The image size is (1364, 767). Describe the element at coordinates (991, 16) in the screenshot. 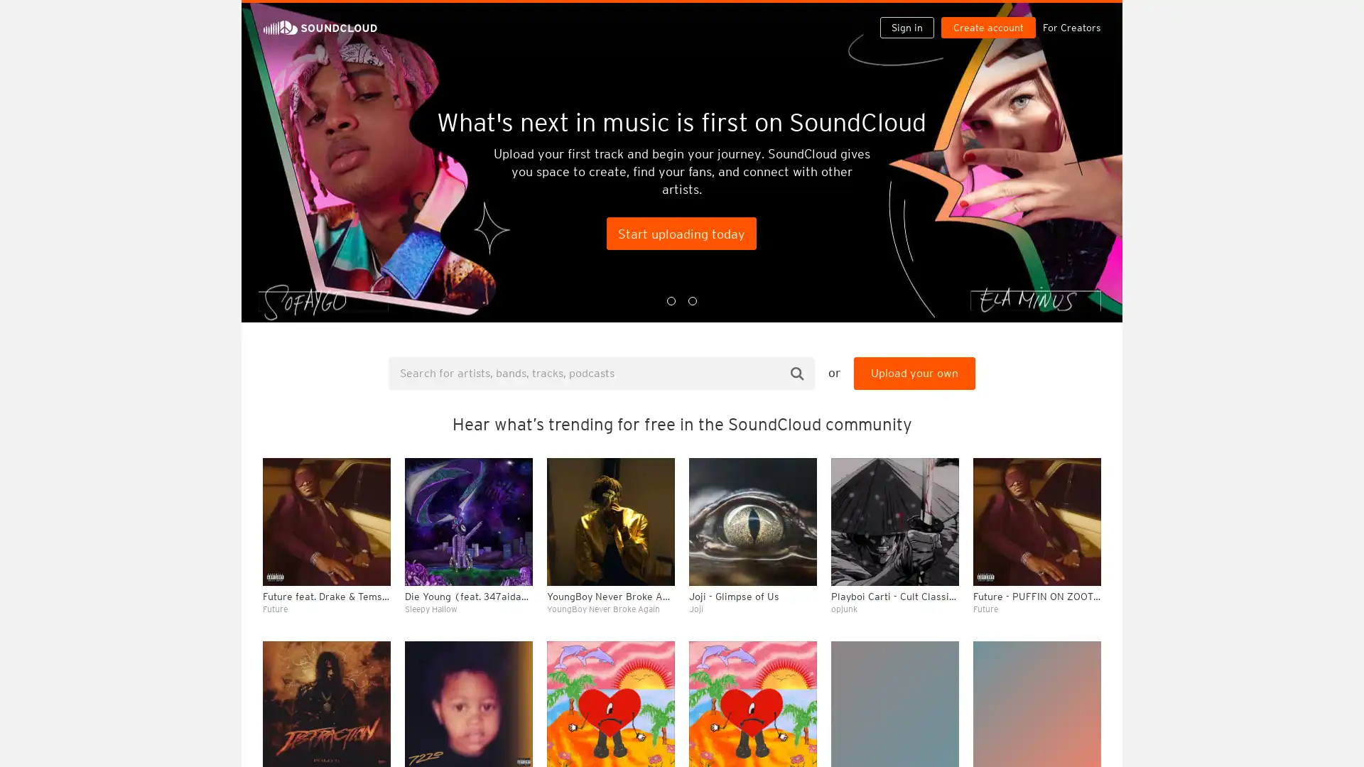

I see `Create a SoundCloud account` at that location.